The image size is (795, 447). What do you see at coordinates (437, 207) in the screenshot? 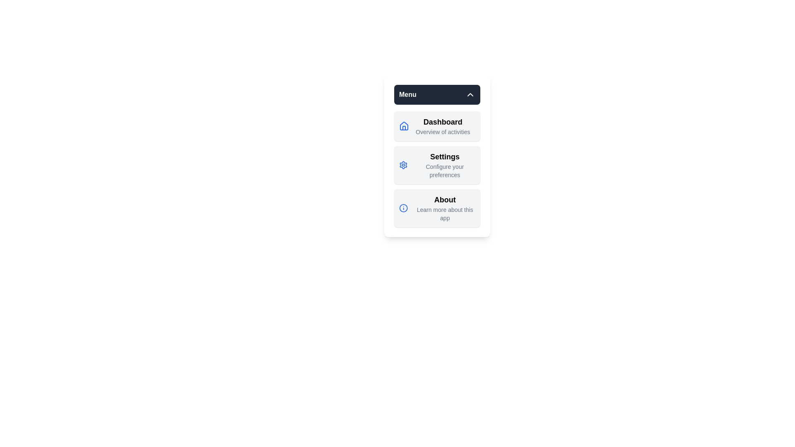
I see `the menu item About to observe its hover effect` at bounding box center [437, 207].